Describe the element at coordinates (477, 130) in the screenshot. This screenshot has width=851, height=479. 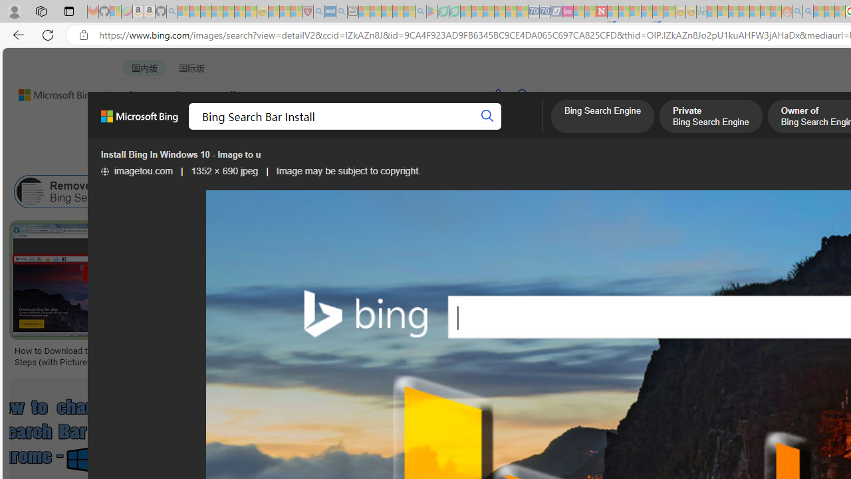
I see `'DICT'` at that location.